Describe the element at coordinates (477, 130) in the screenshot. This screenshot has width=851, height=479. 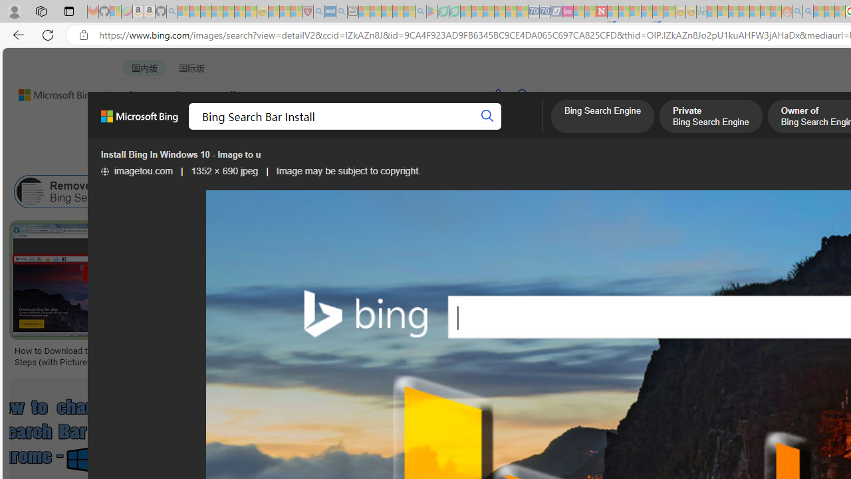
I see `'DICT'` at that location.